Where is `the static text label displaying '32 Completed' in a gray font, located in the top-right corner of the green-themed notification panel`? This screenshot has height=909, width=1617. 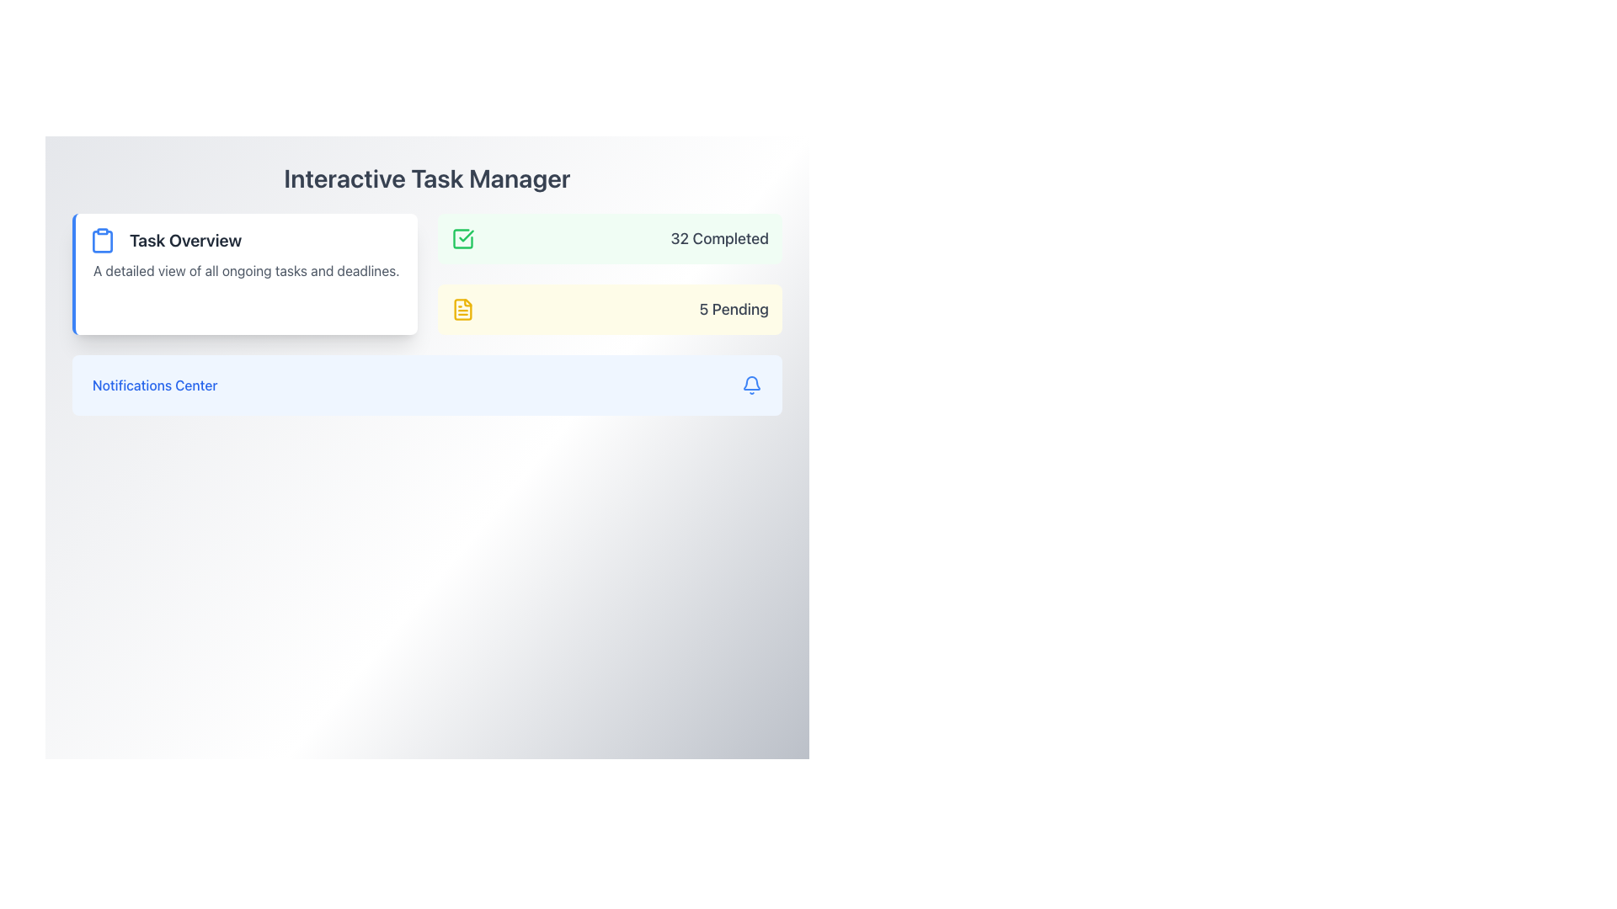
the static text label displaying '32 Completed' in a gray font, located in the top-right corner of the green-themed notification panel is located at coordinates (719, 239).